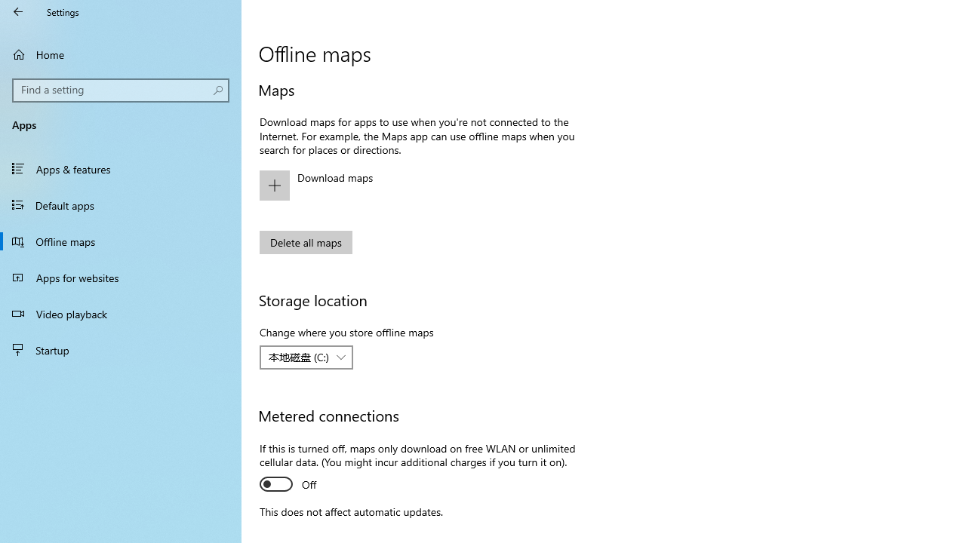  Describe the element at coordinates (121, 90) in the screenshot. I see `'Search box, Find a setting'` at that location.